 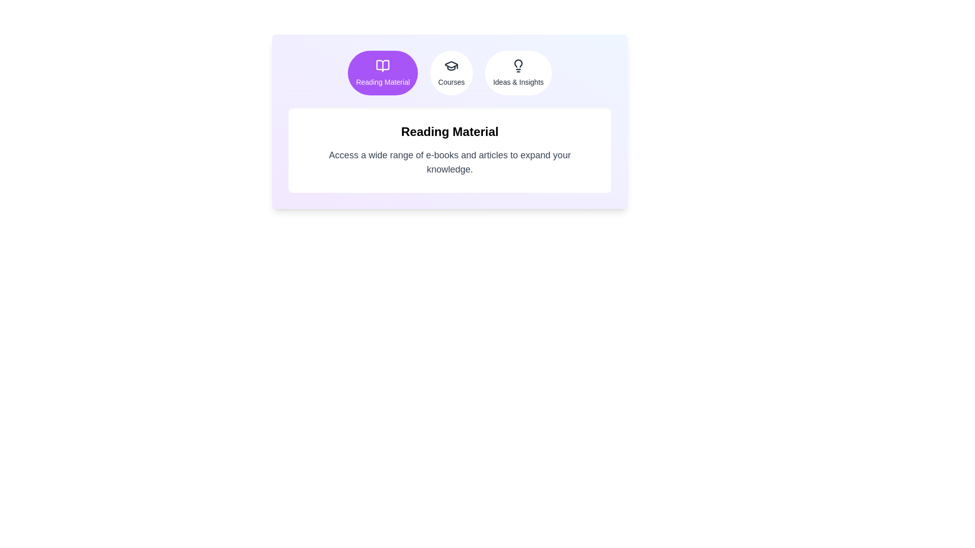 What do you see at coordinates (450, 72) in the screenshot?
I see `the Courses tab to view its content` at bounding box center [450, 72].